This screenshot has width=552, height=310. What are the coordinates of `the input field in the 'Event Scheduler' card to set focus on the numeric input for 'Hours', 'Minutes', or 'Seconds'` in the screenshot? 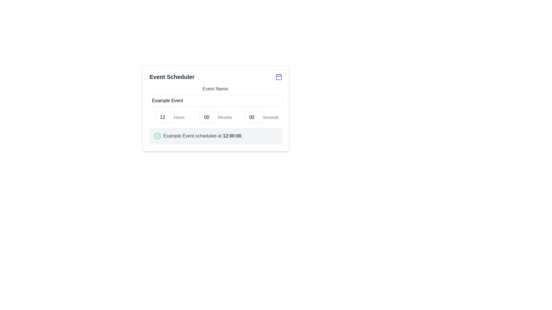 It's located at (215, 117).